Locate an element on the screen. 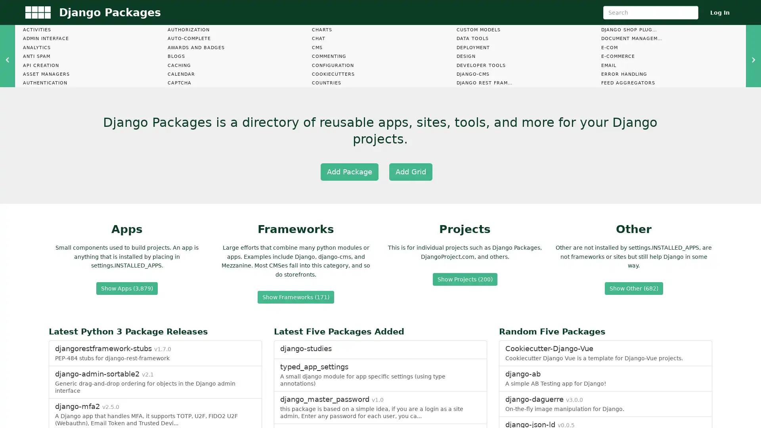 The image size is (761, 428). Add Package is located at coordinates (349, 171).